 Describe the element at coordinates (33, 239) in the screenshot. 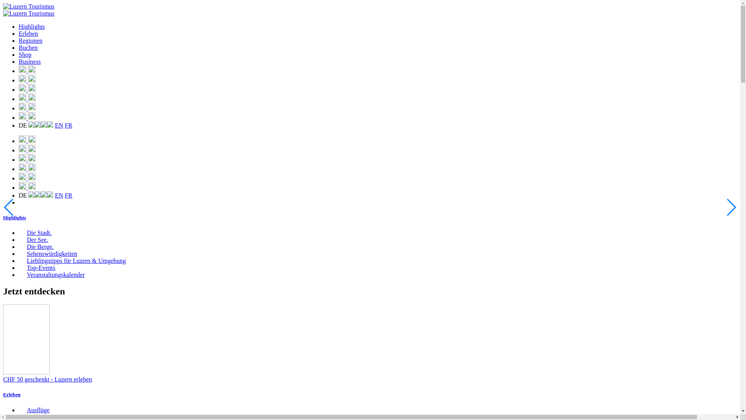

I see `'Der See.'` at that location.